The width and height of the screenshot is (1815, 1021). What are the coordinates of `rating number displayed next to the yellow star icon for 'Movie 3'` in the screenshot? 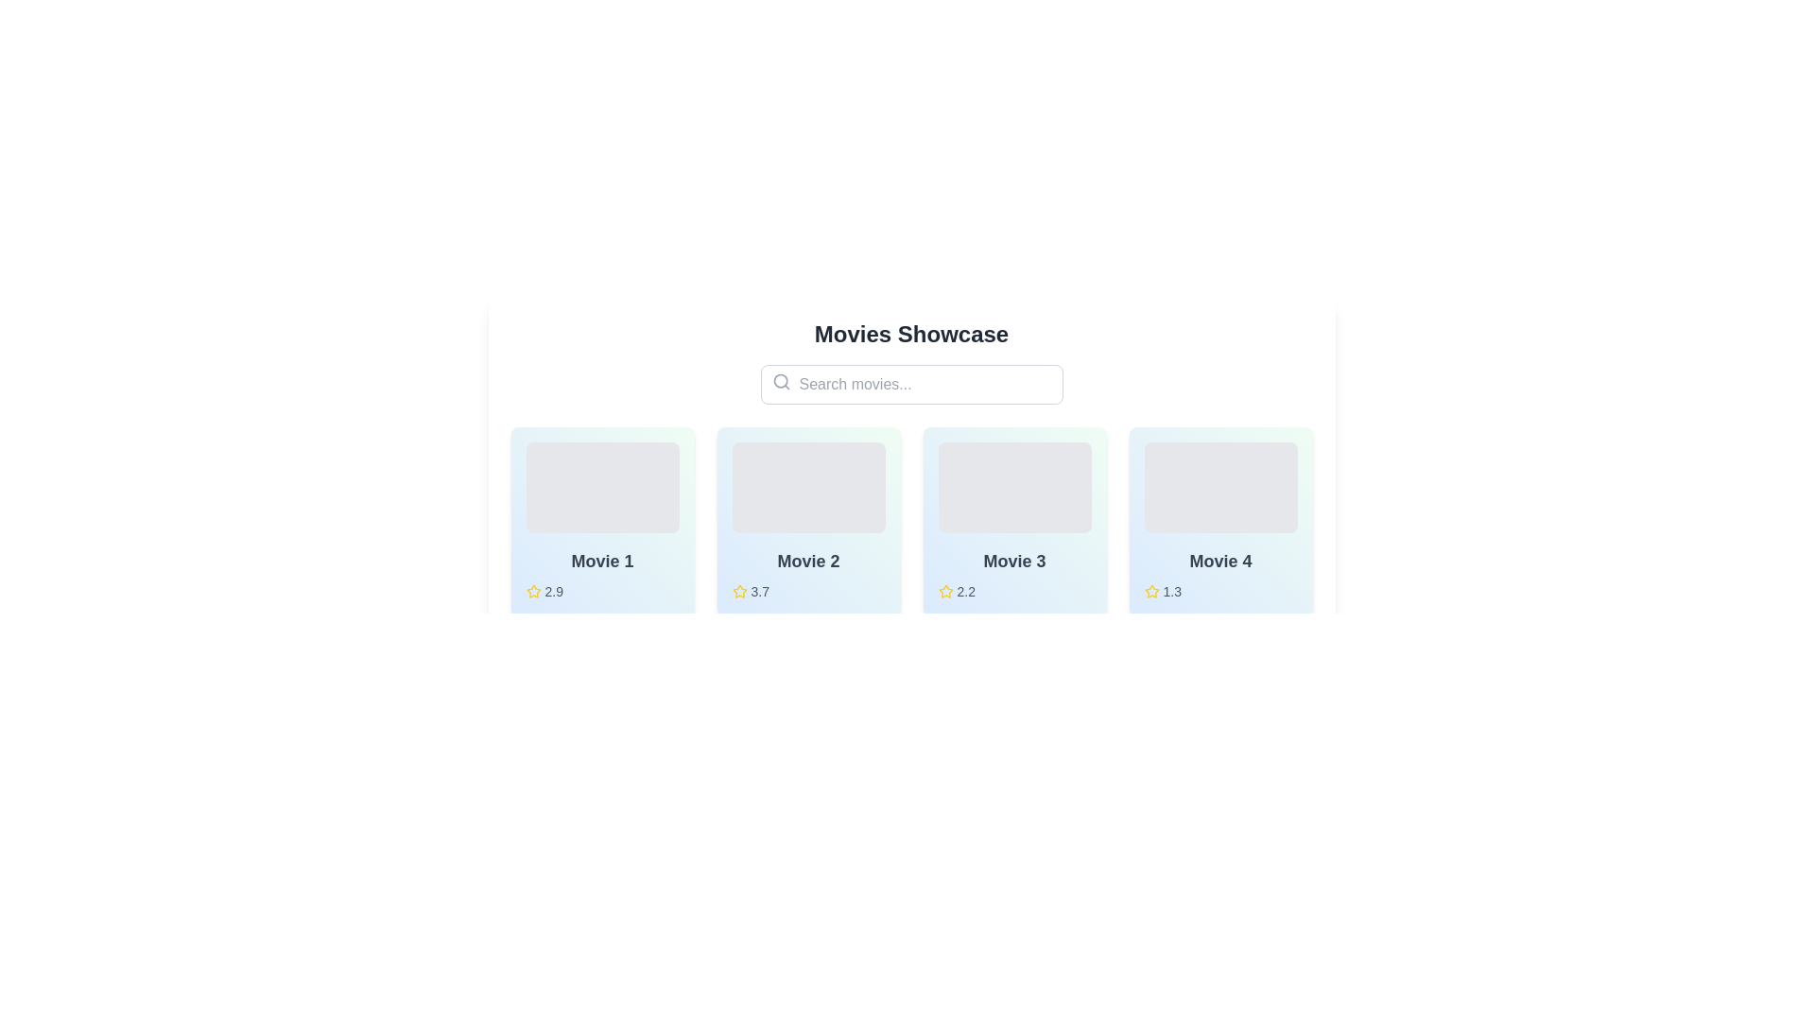 It's located at (966, 590).